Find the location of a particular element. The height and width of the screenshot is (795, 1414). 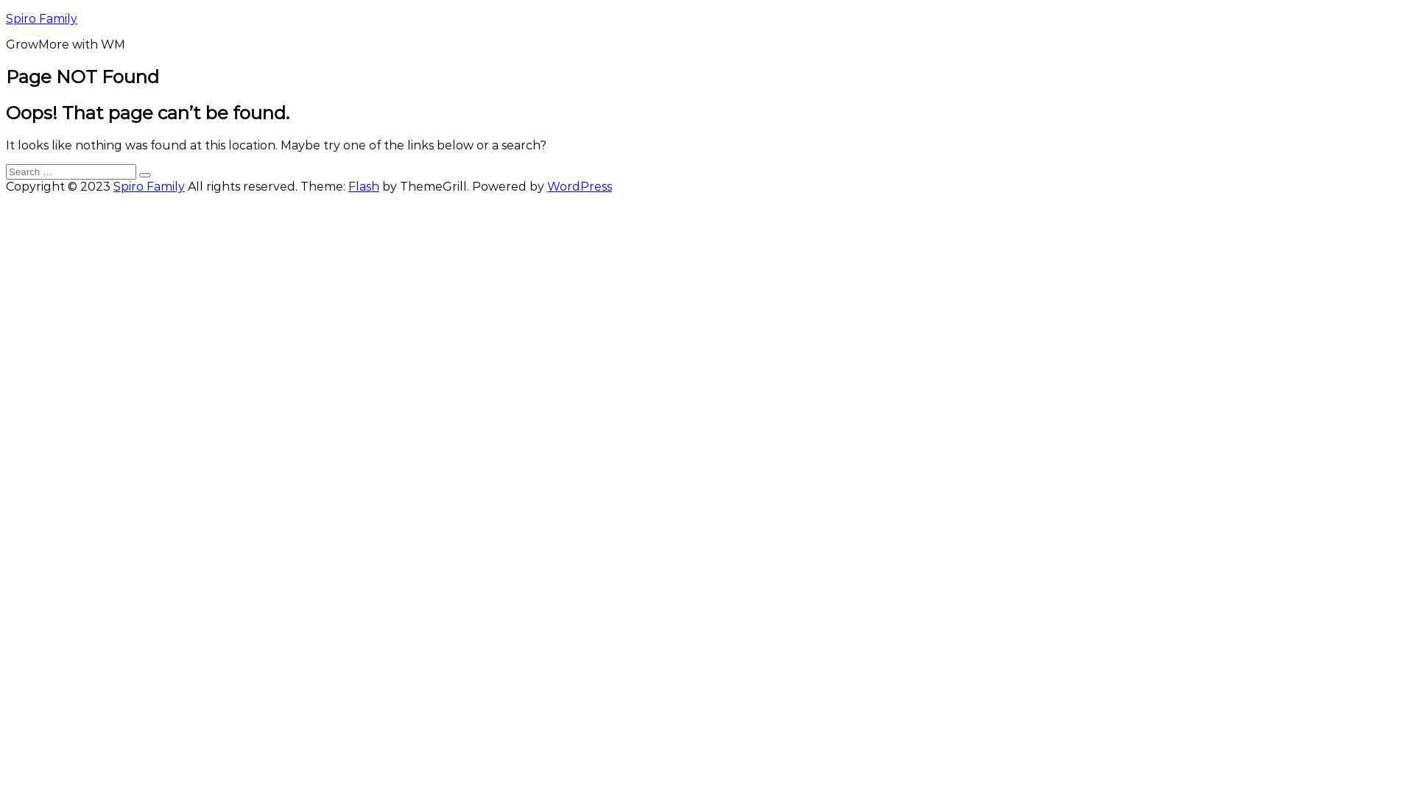

'WordPress' is located at coordinates (579, 185).